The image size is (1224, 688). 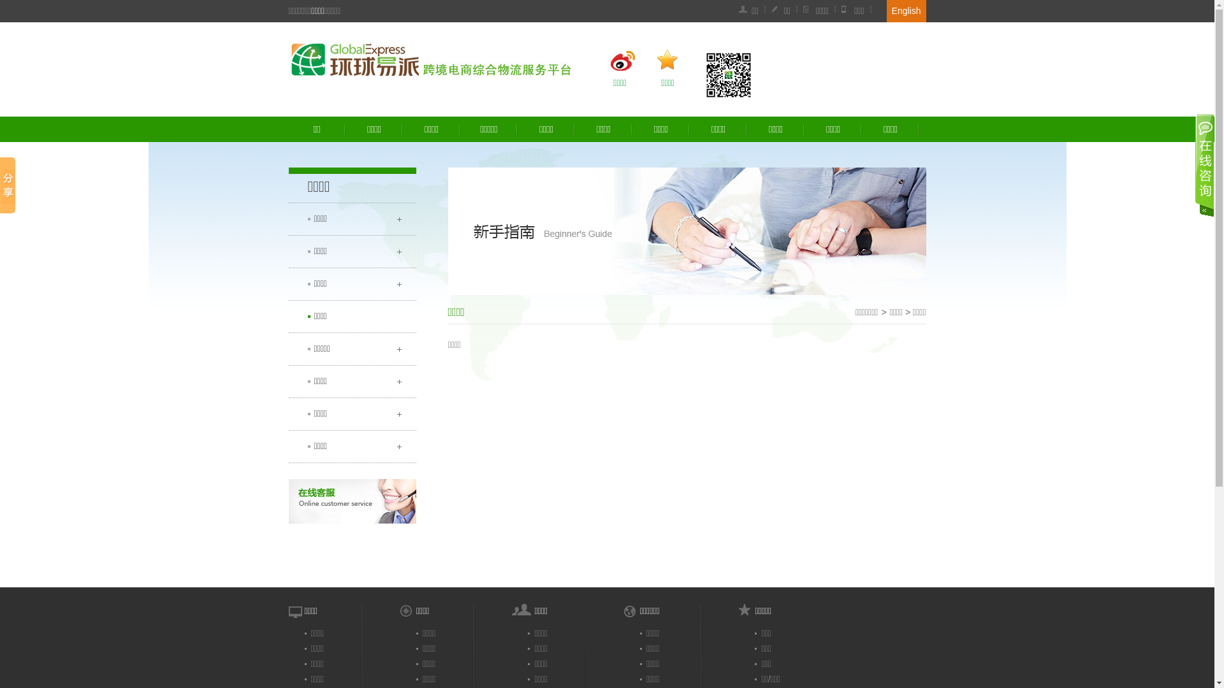 I want to click on 'English', so click(x=905, y=10).